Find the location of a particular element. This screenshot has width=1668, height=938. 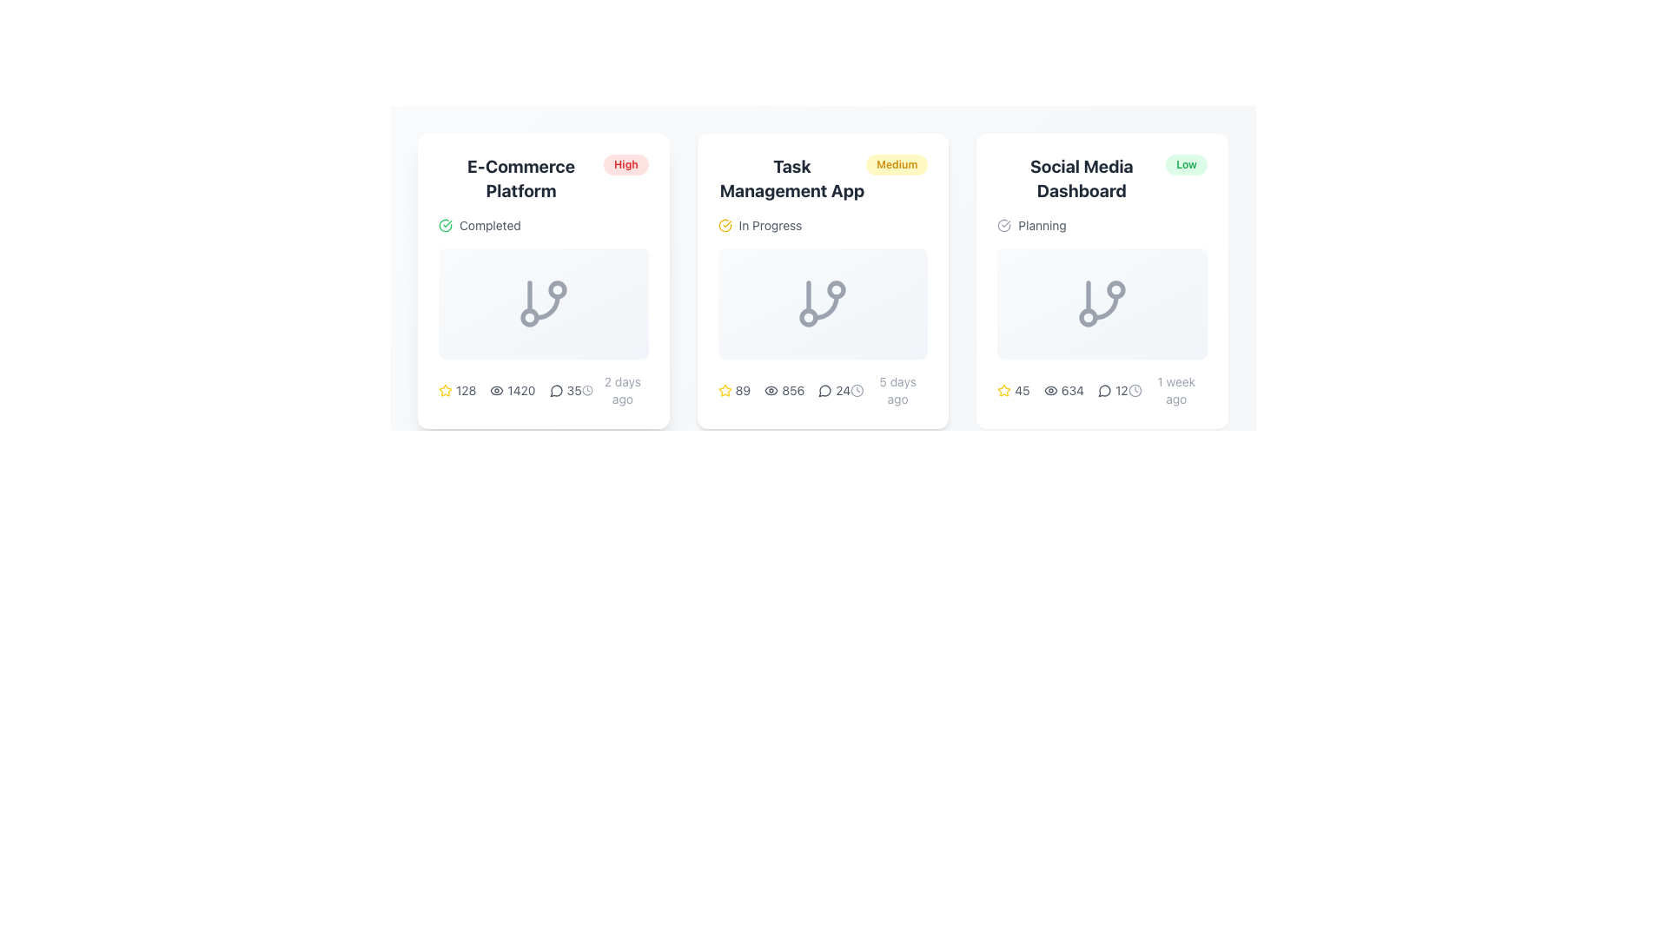

the number '45' in the rating indicator located at the bottom-left corner of the third card from the left is located at coordinates (1013, 391).